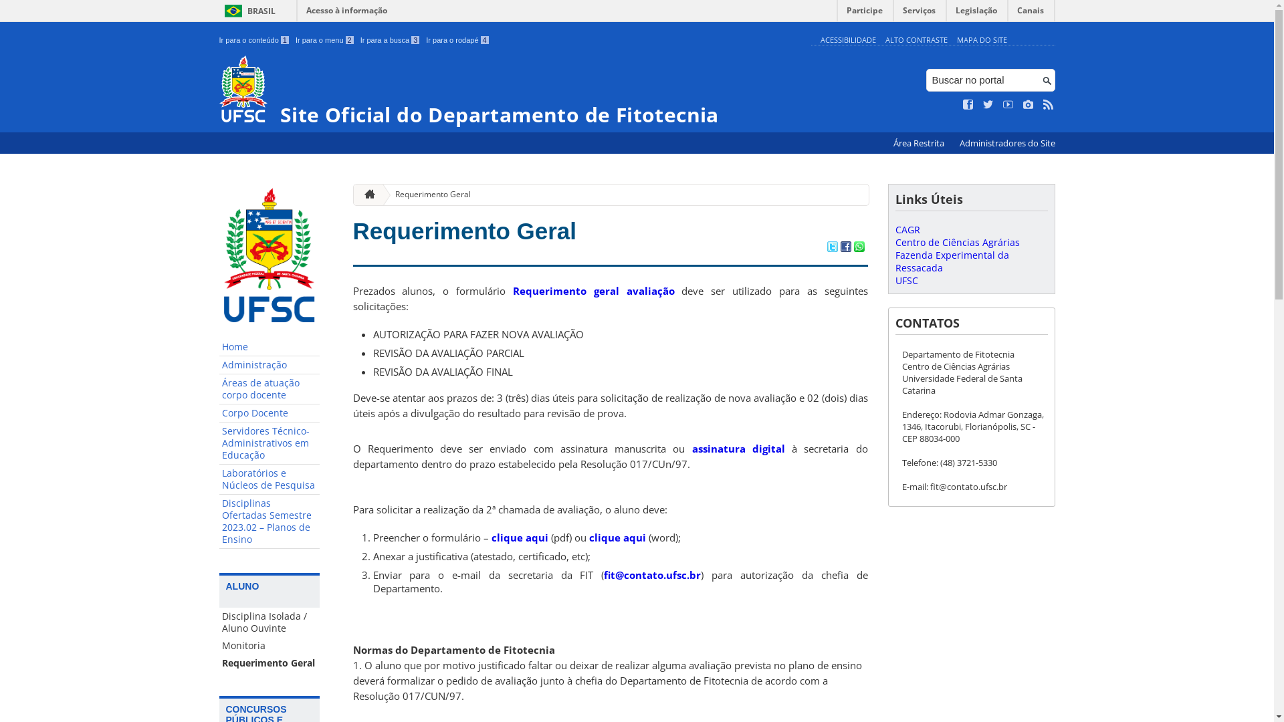 The image size is (1284, 722). I want to click on 'Corpo Docente', so click(269, 412).